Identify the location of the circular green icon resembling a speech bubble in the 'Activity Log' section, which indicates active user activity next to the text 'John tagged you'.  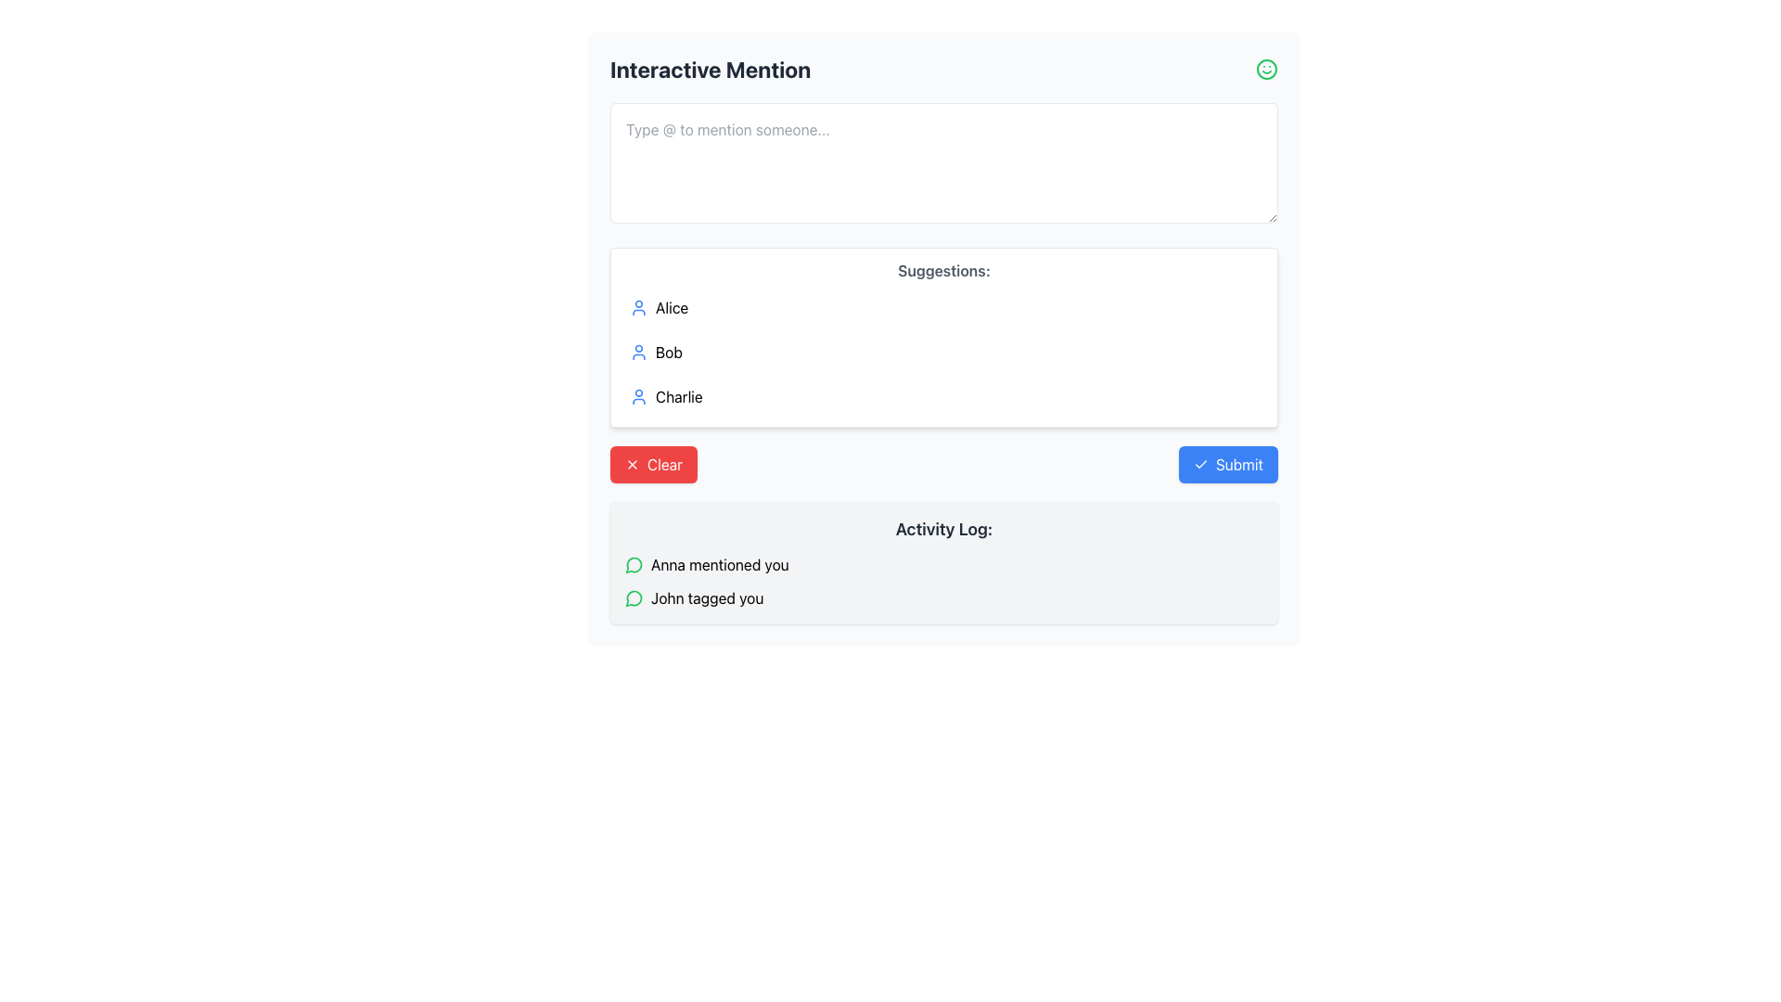
(634, 598).